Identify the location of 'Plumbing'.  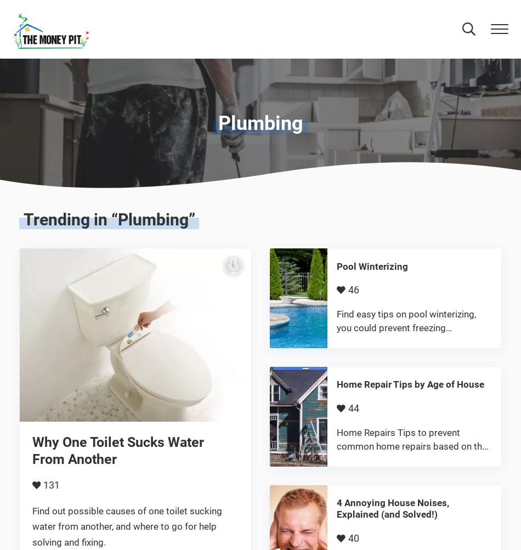
(259, 123).